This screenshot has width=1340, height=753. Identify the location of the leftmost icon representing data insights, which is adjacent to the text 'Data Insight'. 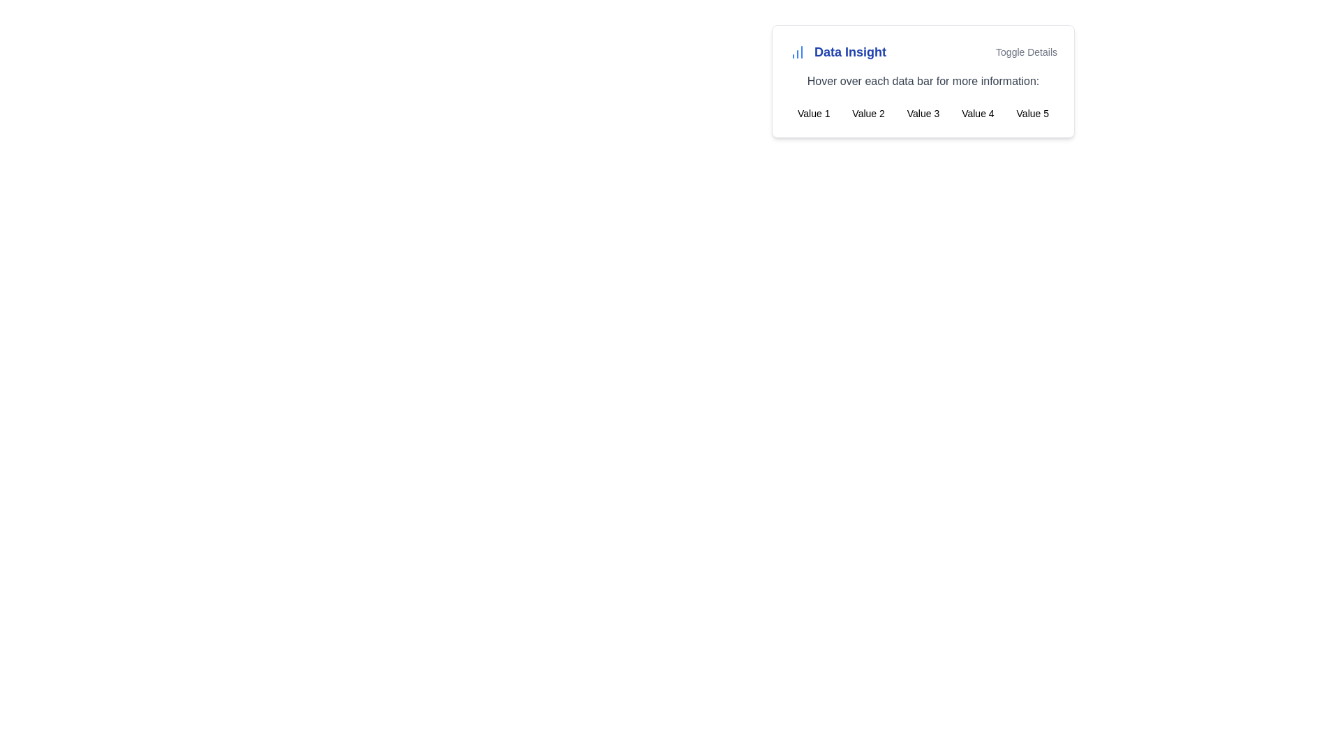
(797, 51).